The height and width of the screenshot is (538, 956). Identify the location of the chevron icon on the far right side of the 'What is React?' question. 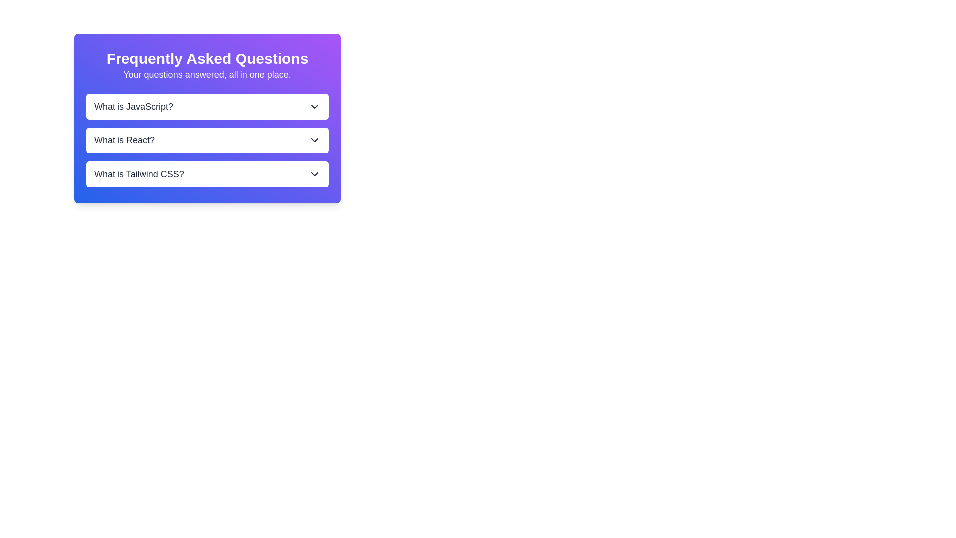
(314, 140).